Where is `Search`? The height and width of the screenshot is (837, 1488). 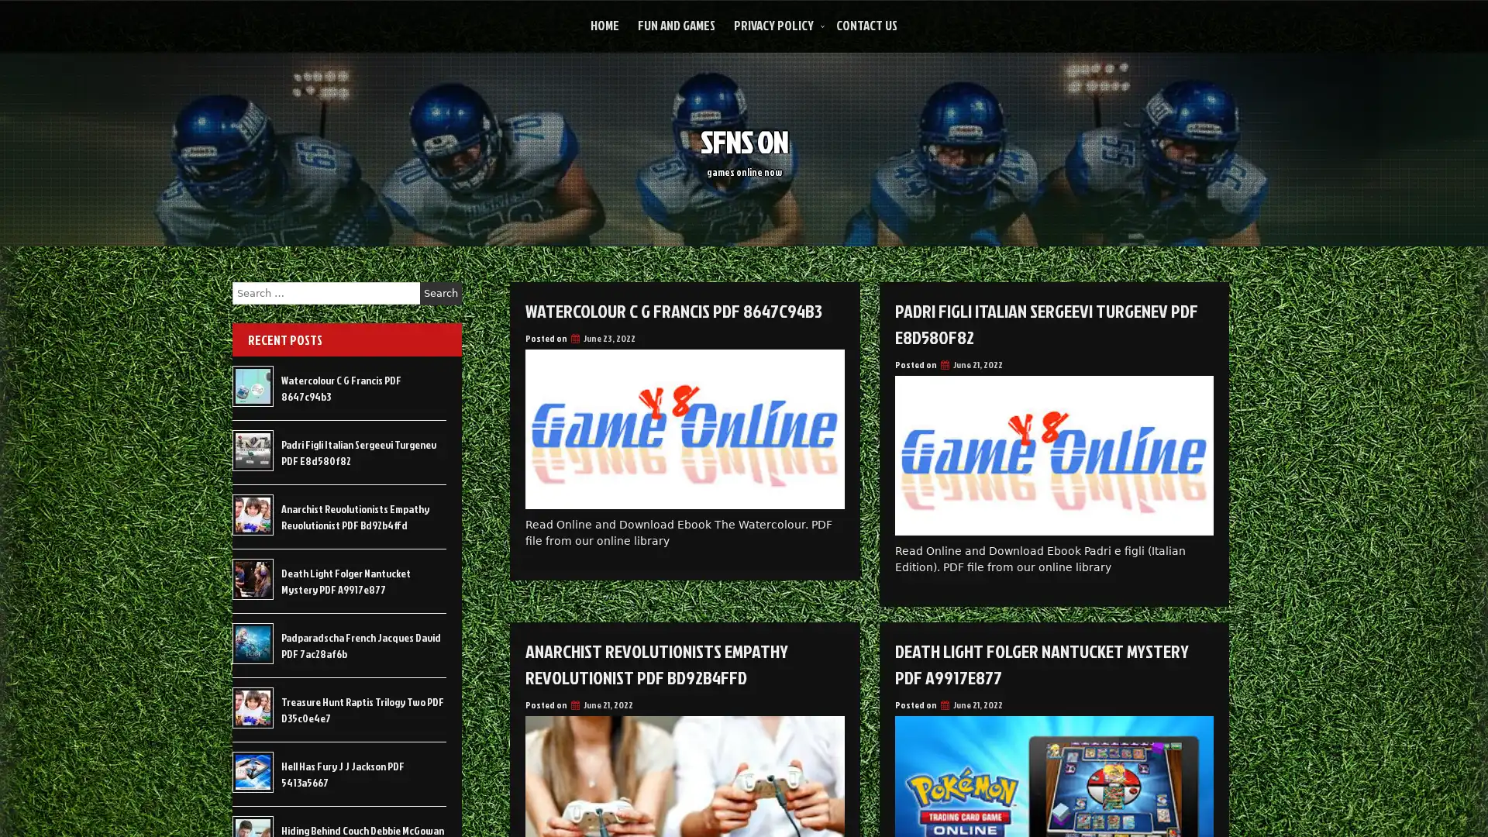 Search is located at coordinates (440, 293).